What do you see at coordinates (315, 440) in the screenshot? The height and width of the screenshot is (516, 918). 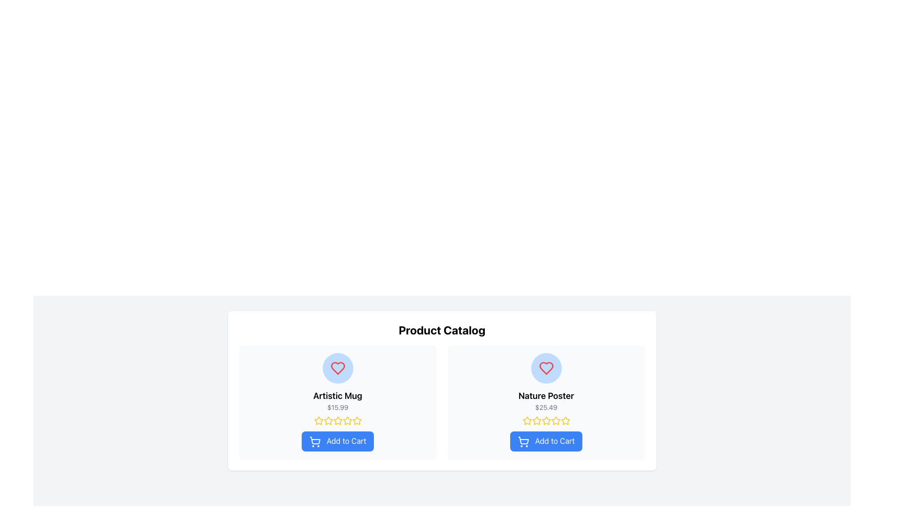 I see `the shopping cart icon located at the far left of the 'Add to Cart' button for the 'Artistic Mug' product` at bounding box center [315, 440].